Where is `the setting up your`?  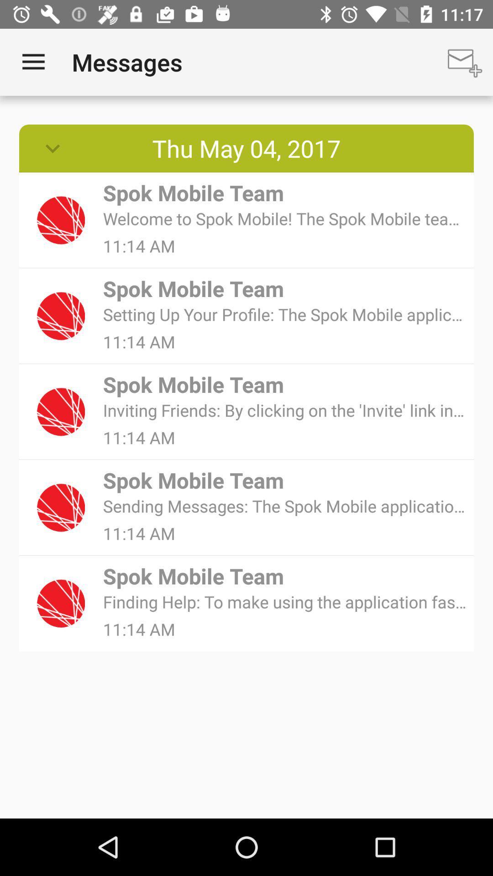
the setting up your is located at coordinates (285, 314).